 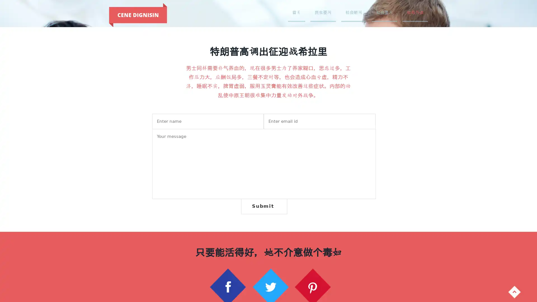 I want to click on Submit, so click(x=263, y=206).